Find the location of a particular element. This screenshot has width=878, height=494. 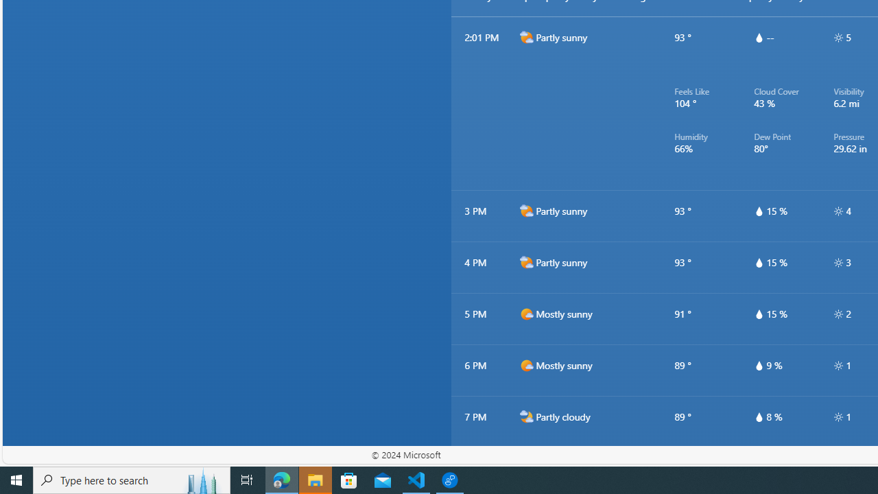

'd1000' is located at coordinates (525, 364).